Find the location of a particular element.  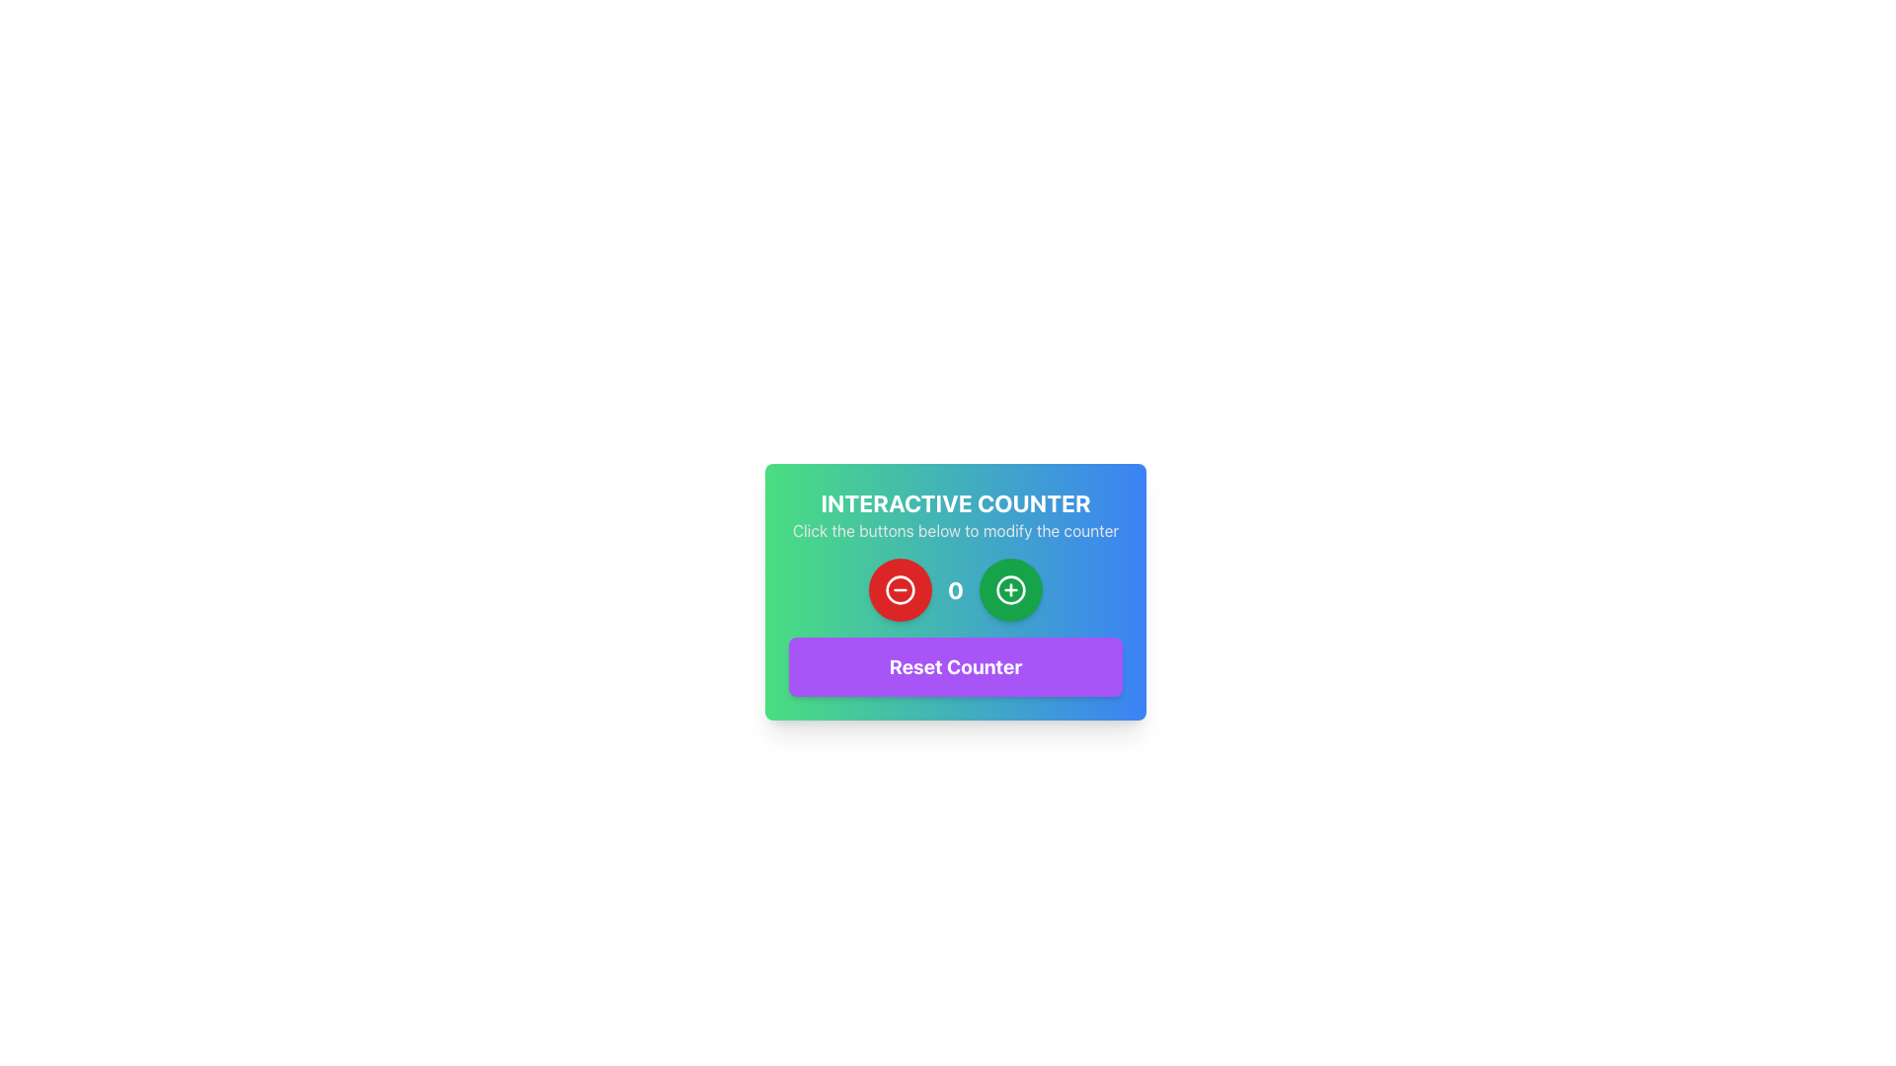

displayed text in the header located at the top-most position above the interactive counter buttons is located at coordinates (956, 513).